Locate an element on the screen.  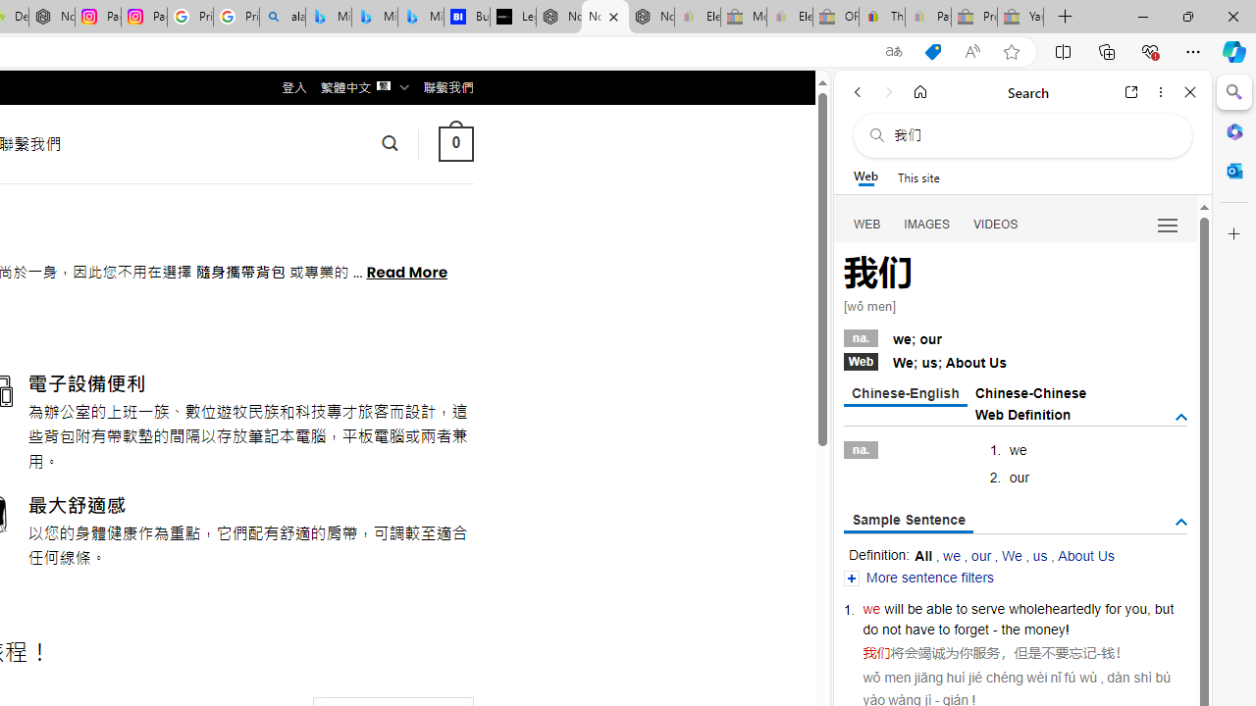
'Us' is located at coordinates (998, 363).